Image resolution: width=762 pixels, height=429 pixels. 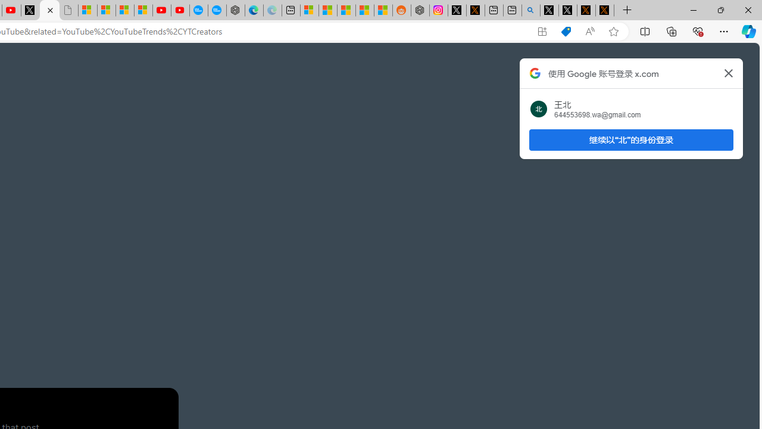 I want to click on 'Add this page to favorites (Ctrl+D)', so click(x=614, y=31).